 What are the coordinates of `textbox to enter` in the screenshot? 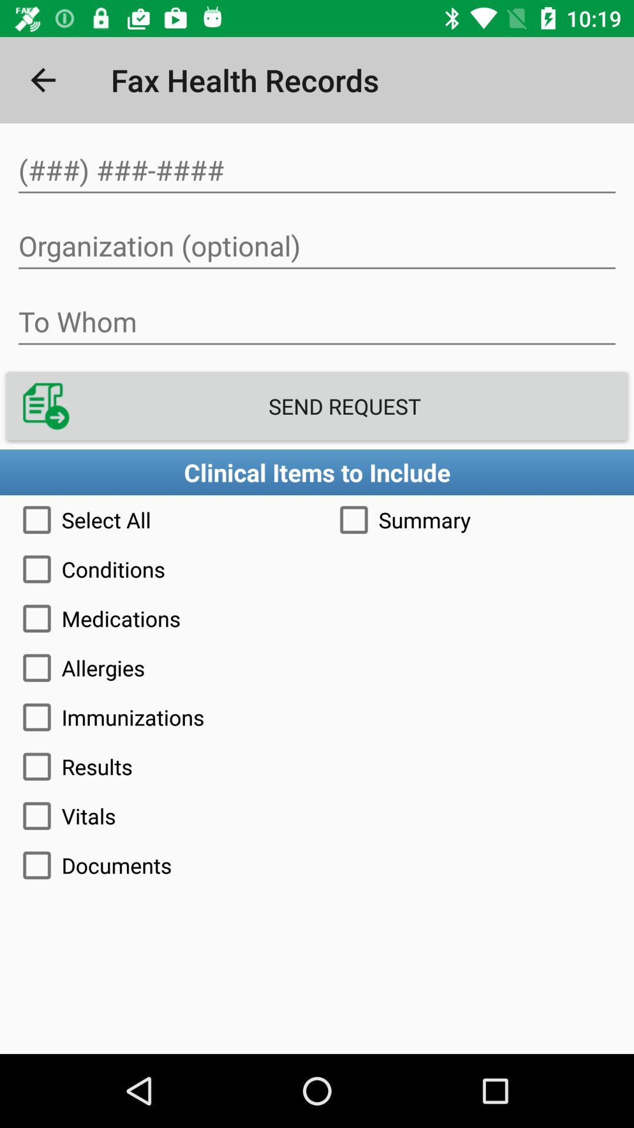 It's located at (317, 322).